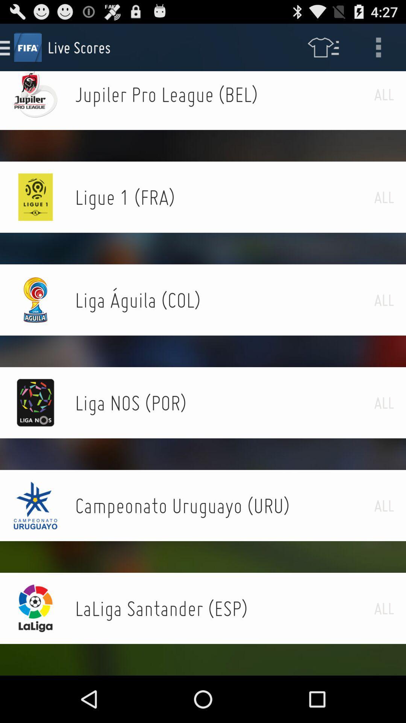 The height and width of the screenshot is (723, 406). What do you see at coordinates (36, 299) in the screenshot?
I see `the fourth icon from the top of the page` at bounding box center [36, 299].